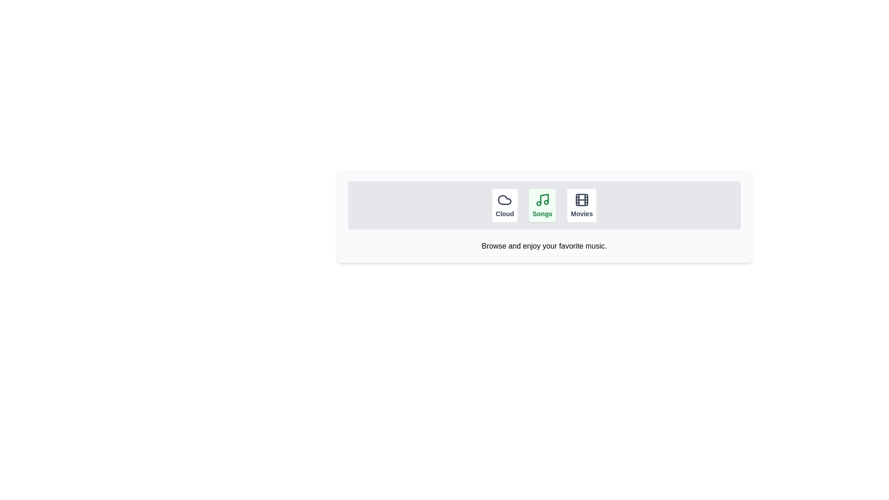 Image resolution: width=889 pixels, height=500 pixels. I want to click on the 'Movies' button, which is the rightmost interactive button in a horizontal arrangement of three buttons labeled 'Cloud', 'Songs', and 'Movies', so click(581, 214).